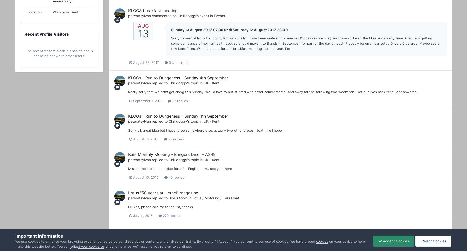 Image resolution: width=467 pixels, height=251 pixels. Describe the element at coordinates (34, 12) in the screenshot. I see `'Location'` at that location.